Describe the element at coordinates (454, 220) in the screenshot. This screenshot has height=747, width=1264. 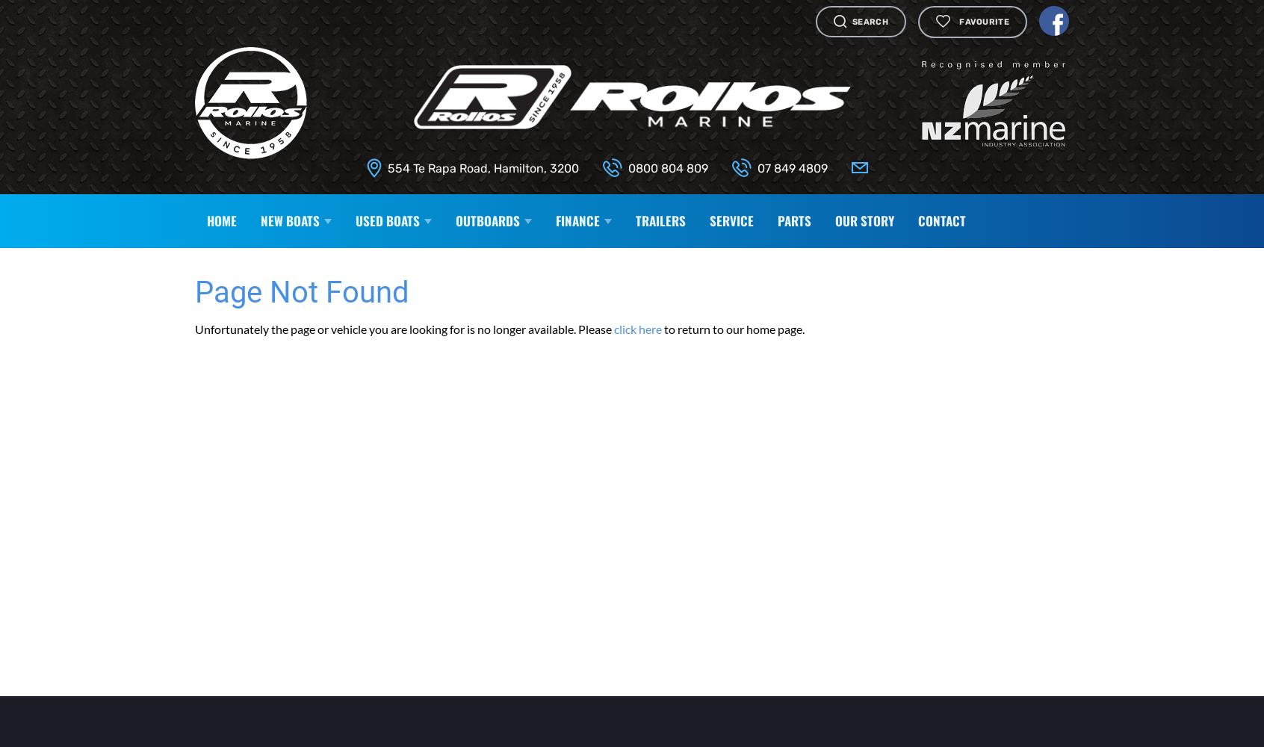
I see `'Outboards'` at that location.